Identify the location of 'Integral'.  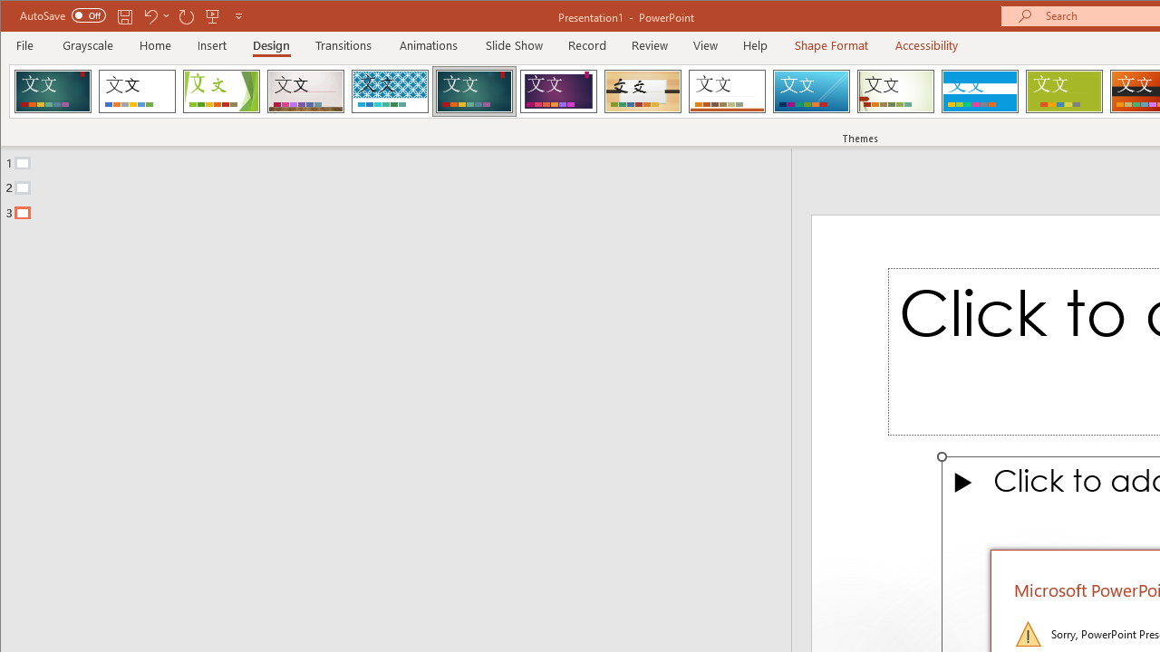
(389, 91).